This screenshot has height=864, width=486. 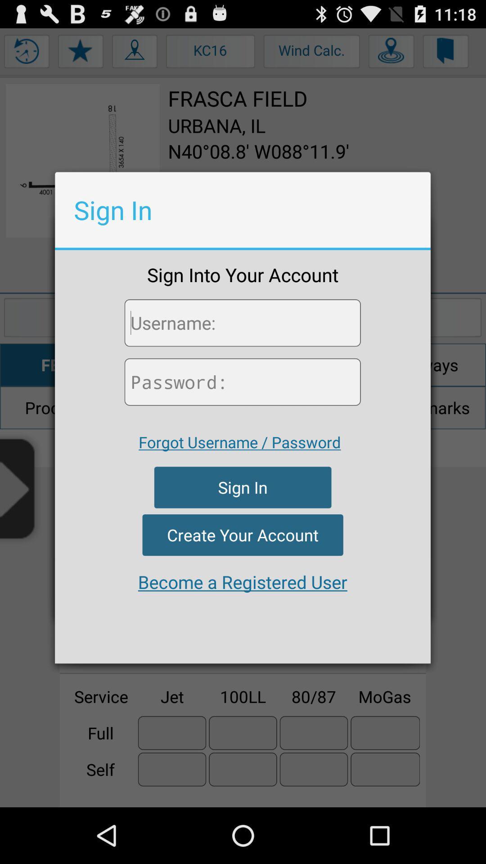 I want to click on item below the create your account item, so click(x=242, y=582).